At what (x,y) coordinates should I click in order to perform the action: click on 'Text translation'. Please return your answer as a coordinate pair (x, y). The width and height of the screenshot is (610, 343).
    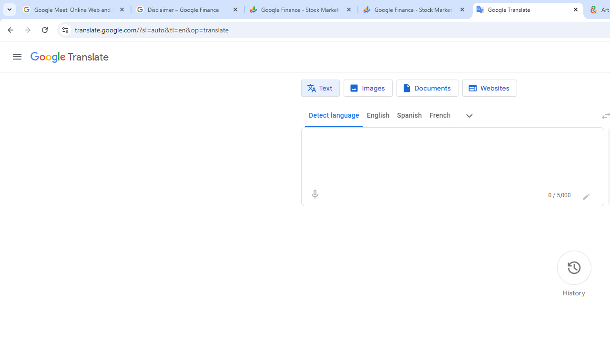
    Looking at the image, I should click on (320, 88).